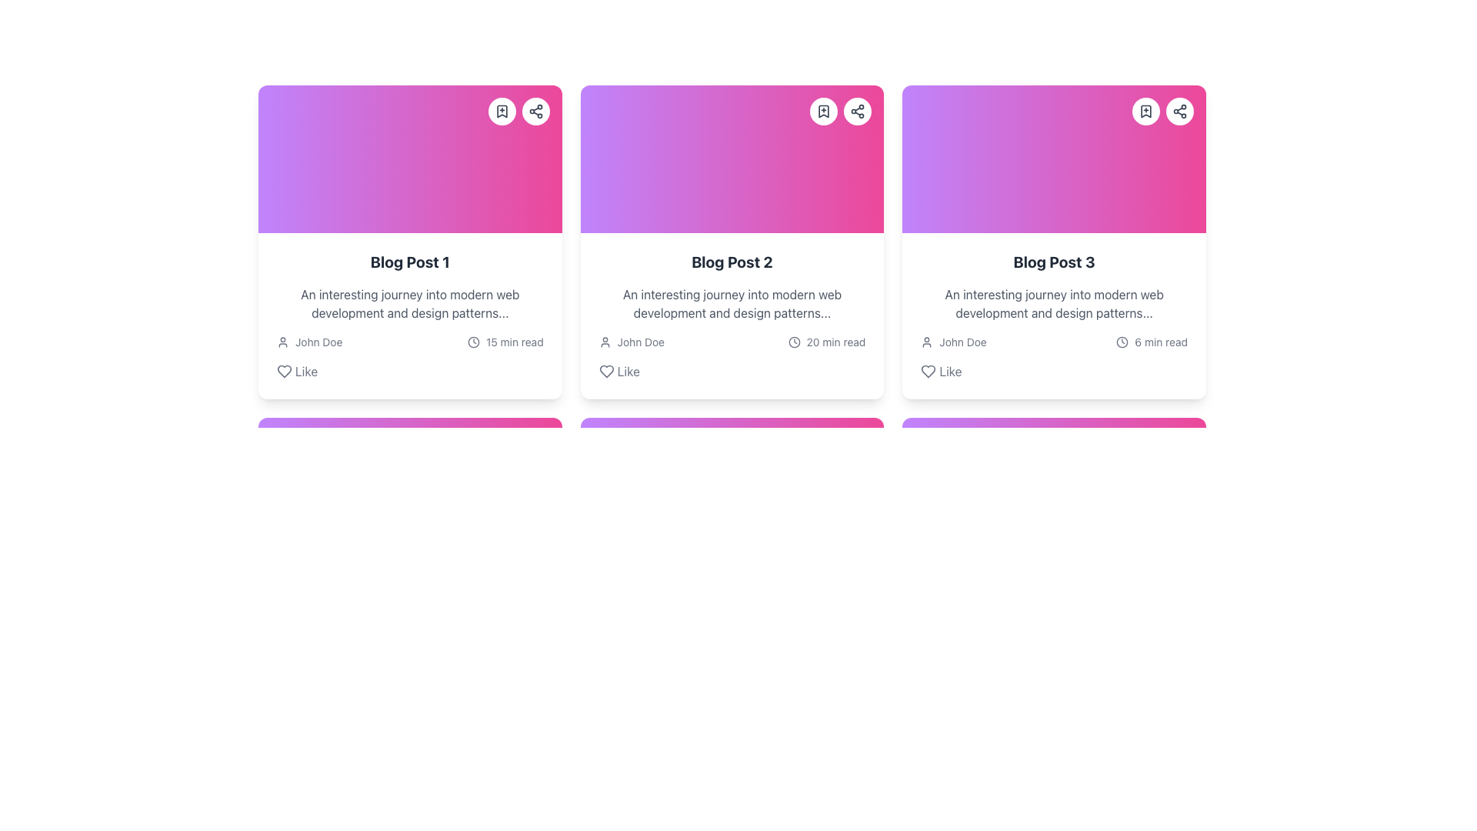  Describe the element at coordinates (641, 341) in the screenshot. I see `text content of the label displaying 'John Doe', which is part of the profile information beneath a blog post and located to the right of the user profile icon` at that location.